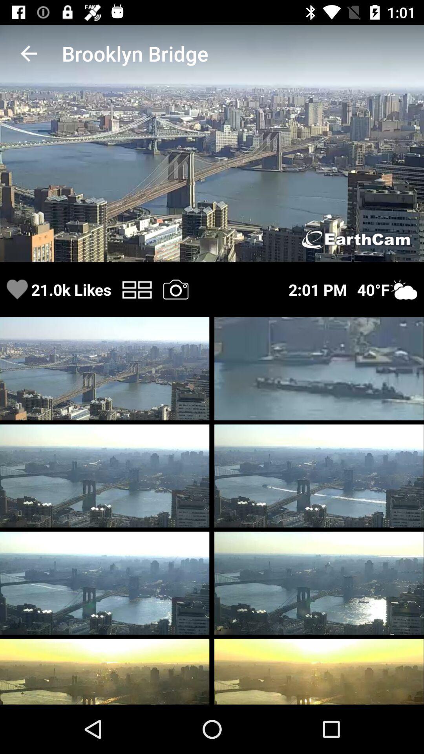  What do you see at coordinates (175, 289) in the screenshot?
I see `camera option` at bounding box center [175, 289].